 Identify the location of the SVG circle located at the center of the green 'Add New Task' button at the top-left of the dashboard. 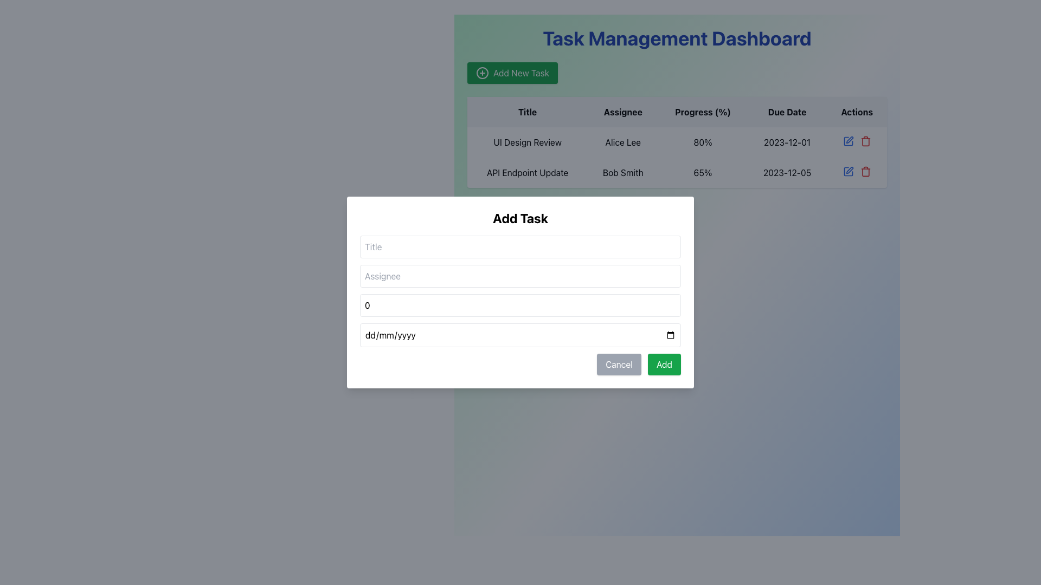
(481, 73).